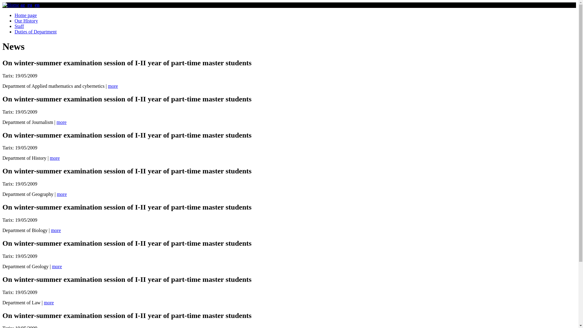 This screenshot has height=328, width=583. What do you see at coordinates (55, 158) in the screenshot?
I see `'more'` at bounding box center [55, 158].